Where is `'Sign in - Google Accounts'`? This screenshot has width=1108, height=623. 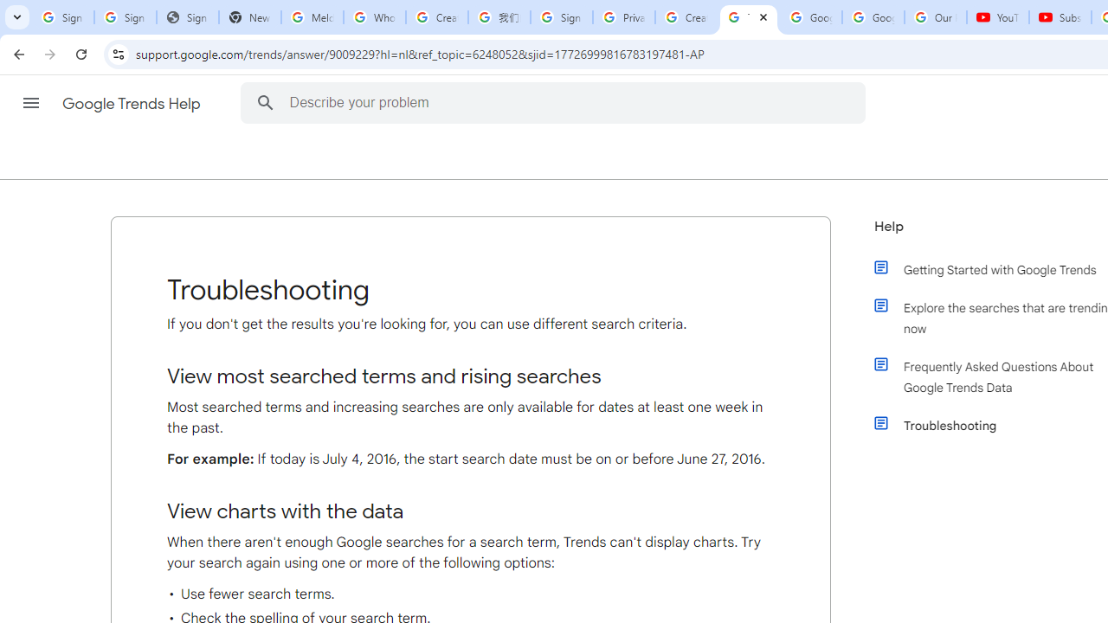
'Sign in - Google Accounts' is located at coordinates (561, 17).